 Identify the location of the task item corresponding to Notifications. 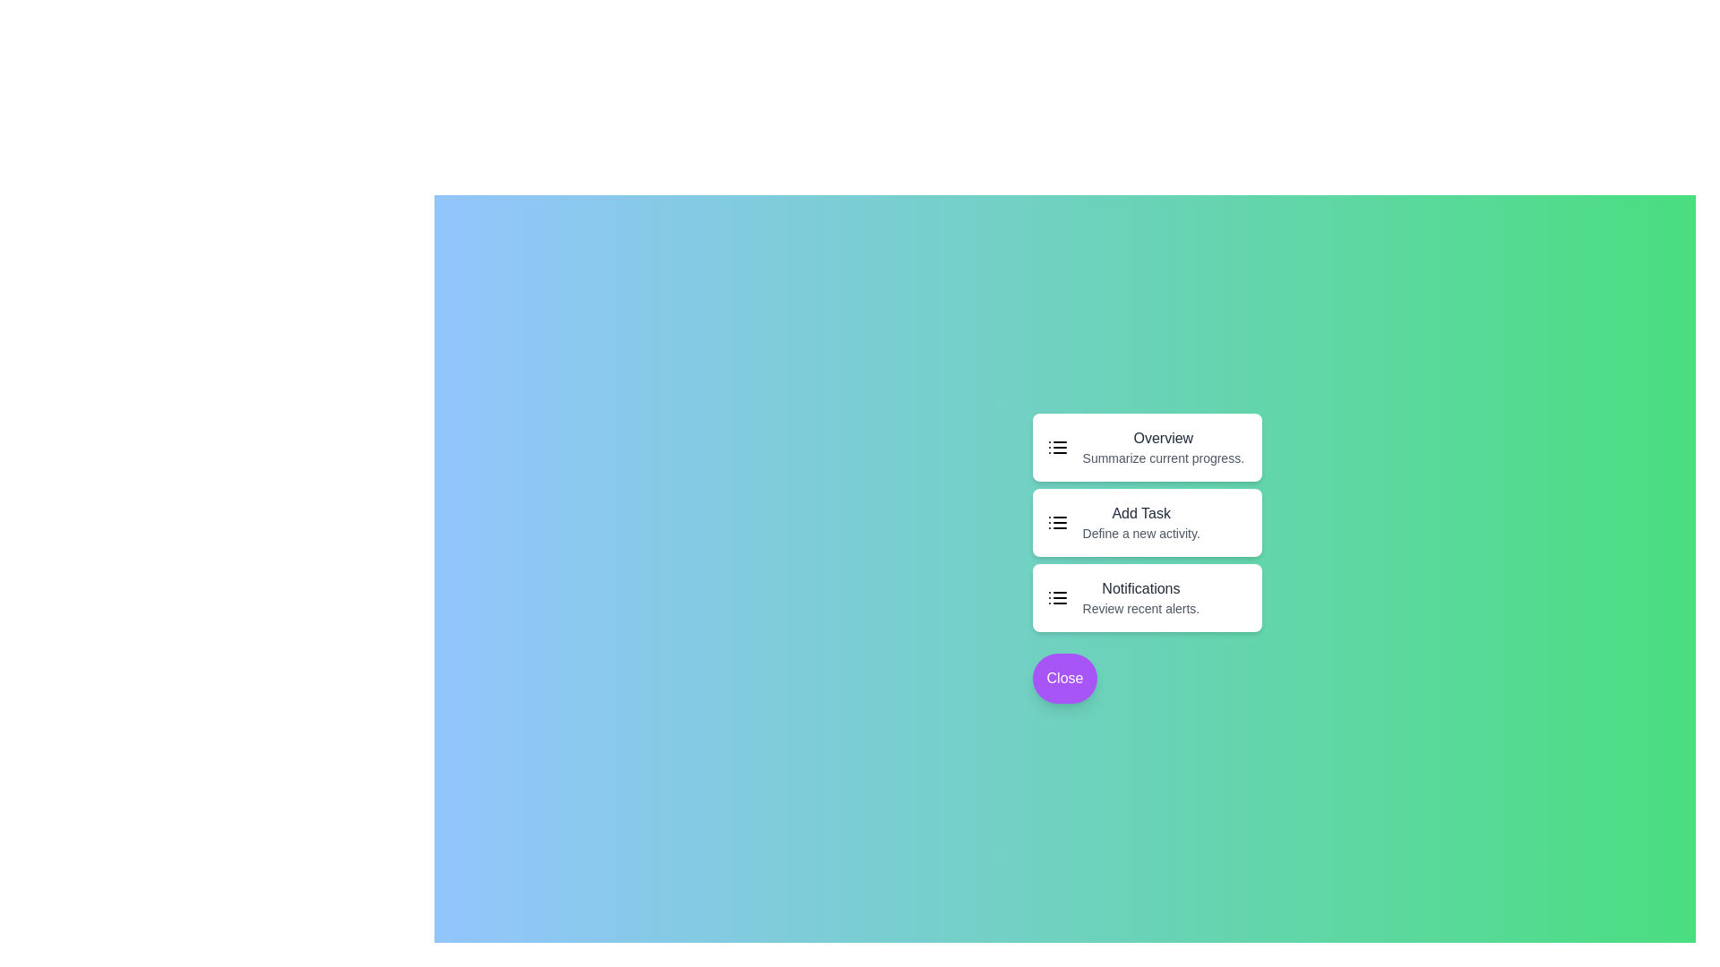
(1147, 597).